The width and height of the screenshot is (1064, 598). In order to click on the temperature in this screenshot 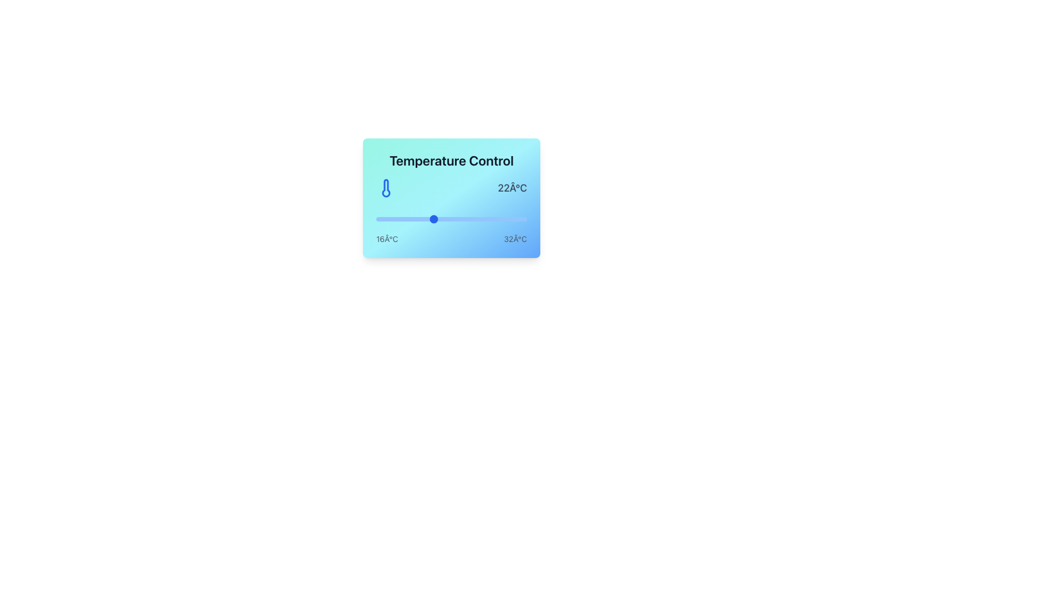, I will do `click(395, 219)`.